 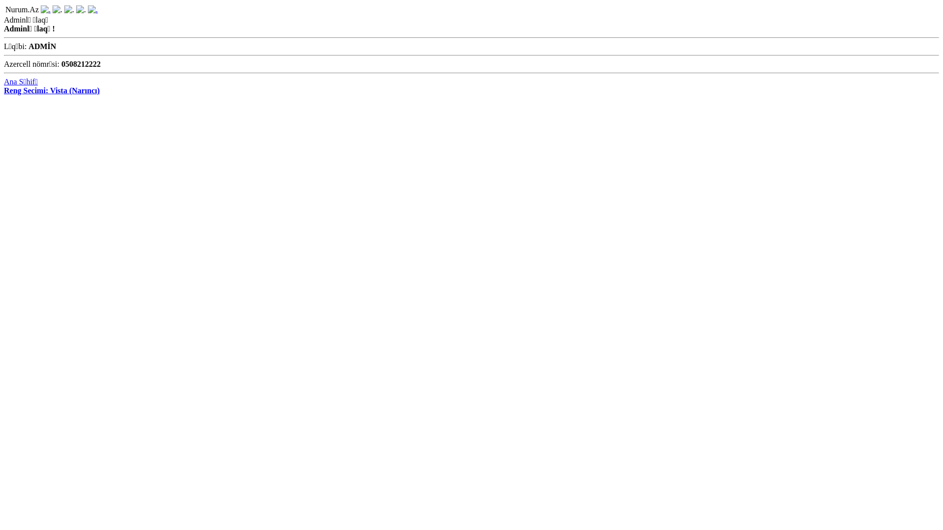 I want to click on 'Qeydiyyat', so click(x=92, y=9).